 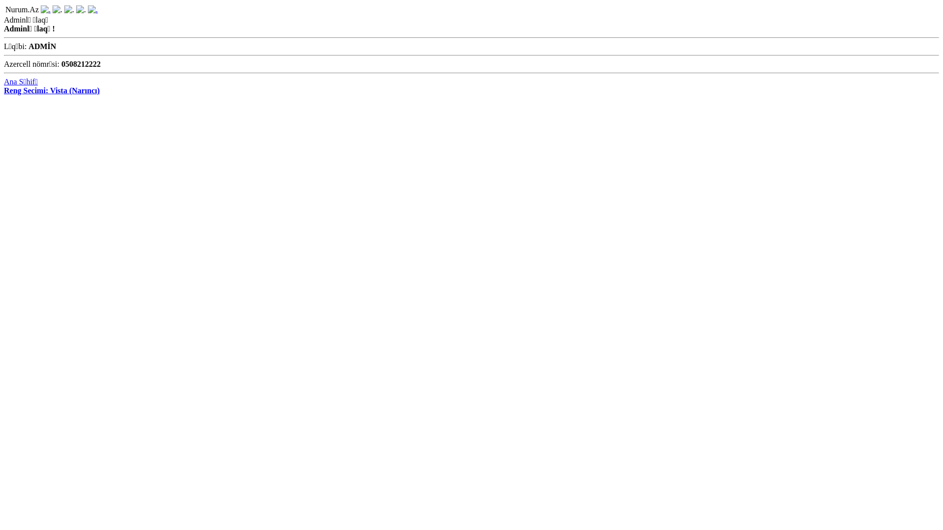 I want to click on 'Qeydiyyat', so click(x=92, y=9).